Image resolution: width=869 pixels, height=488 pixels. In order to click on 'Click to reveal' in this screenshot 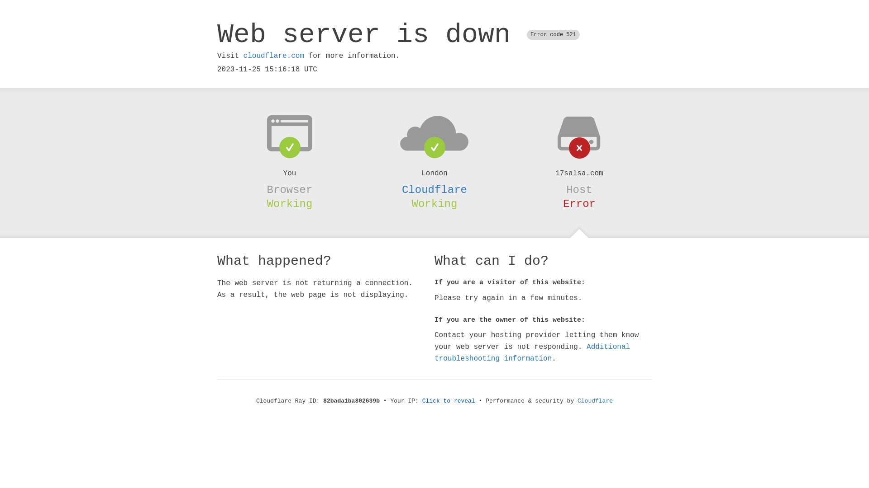, I will do `click(449, 400)`.